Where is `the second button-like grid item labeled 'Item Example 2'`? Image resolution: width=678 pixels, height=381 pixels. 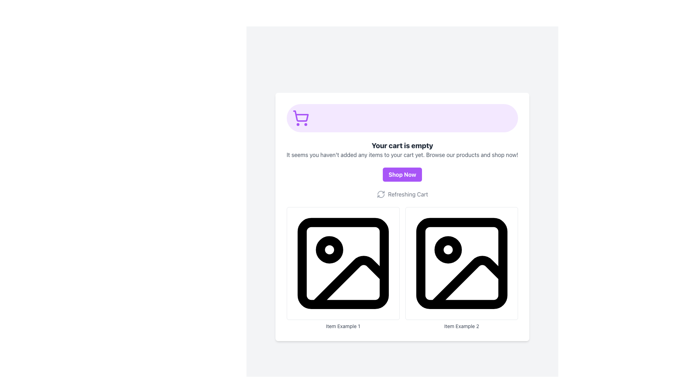
the second button-like grid item labeled 'Item Example 2' is located at coordinates (462, 268).